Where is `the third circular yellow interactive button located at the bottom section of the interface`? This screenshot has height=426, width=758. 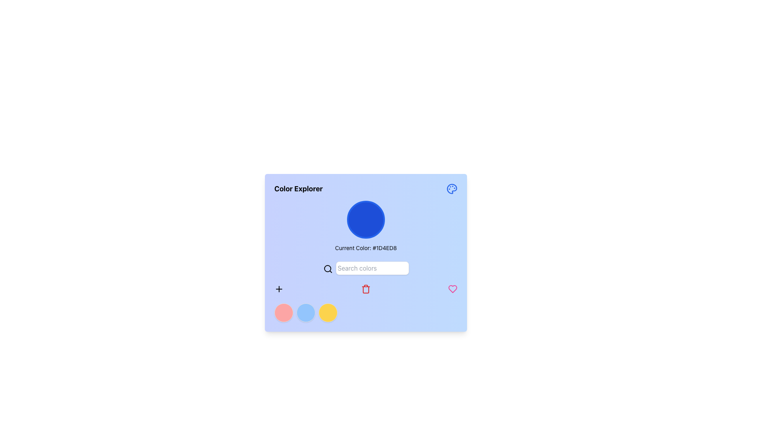 the third circular yellow interactive button located at the bottom section of the interface is located at coordinates (328, 312).